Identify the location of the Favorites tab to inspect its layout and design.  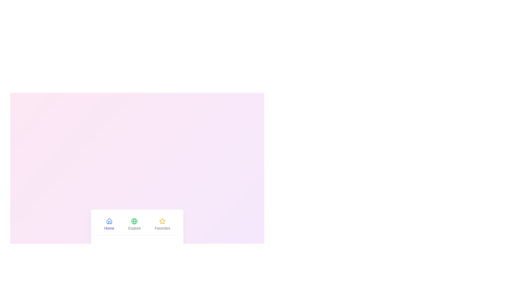
(162, 224).